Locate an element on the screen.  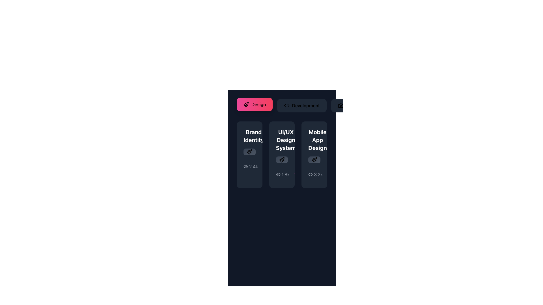
the camera icon vector graphic in the top bar, which has a thin black outline on a dark background is located at coordinates (340, 106).